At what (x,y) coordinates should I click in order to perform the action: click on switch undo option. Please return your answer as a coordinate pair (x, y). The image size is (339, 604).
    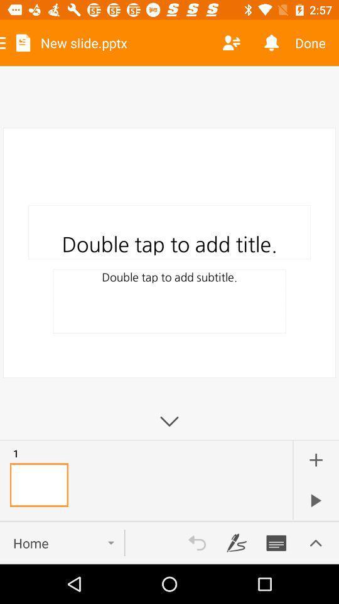
    Looking at the image, I should click on (197, 542).